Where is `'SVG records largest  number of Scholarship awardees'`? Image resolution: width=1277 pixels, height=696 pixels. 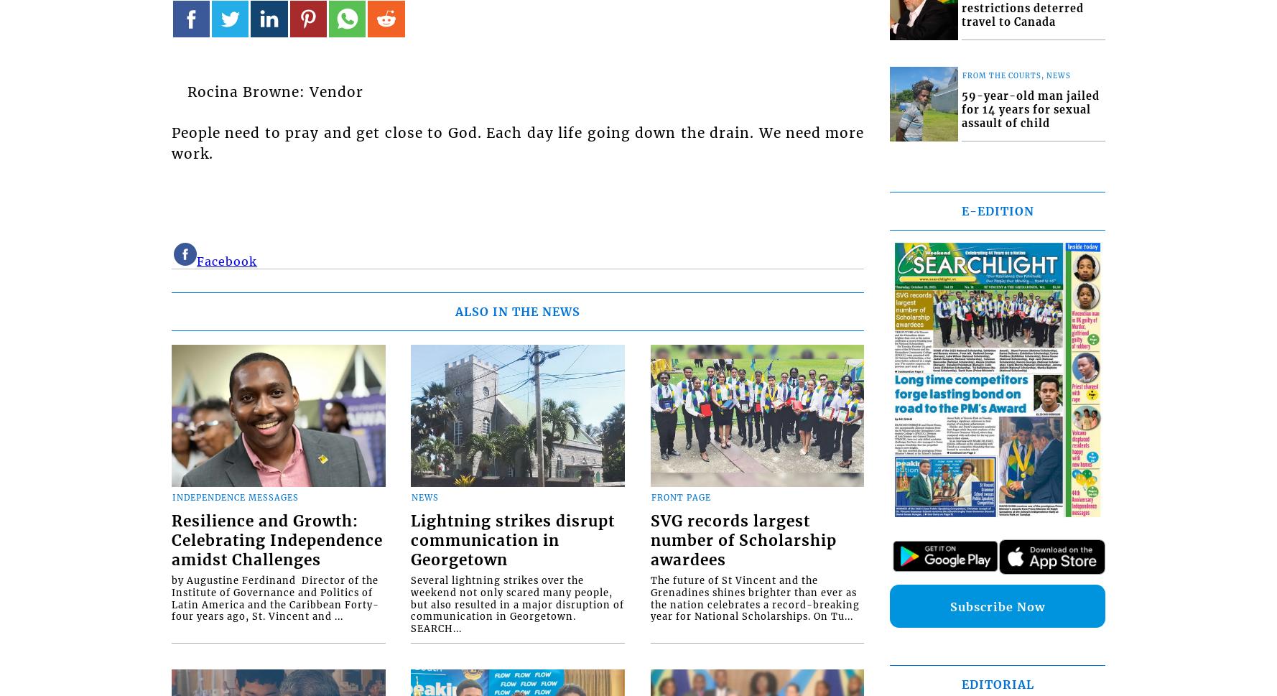
'SVG records largest  number of Scholarship awardees' is located at coordinates (743, 540).